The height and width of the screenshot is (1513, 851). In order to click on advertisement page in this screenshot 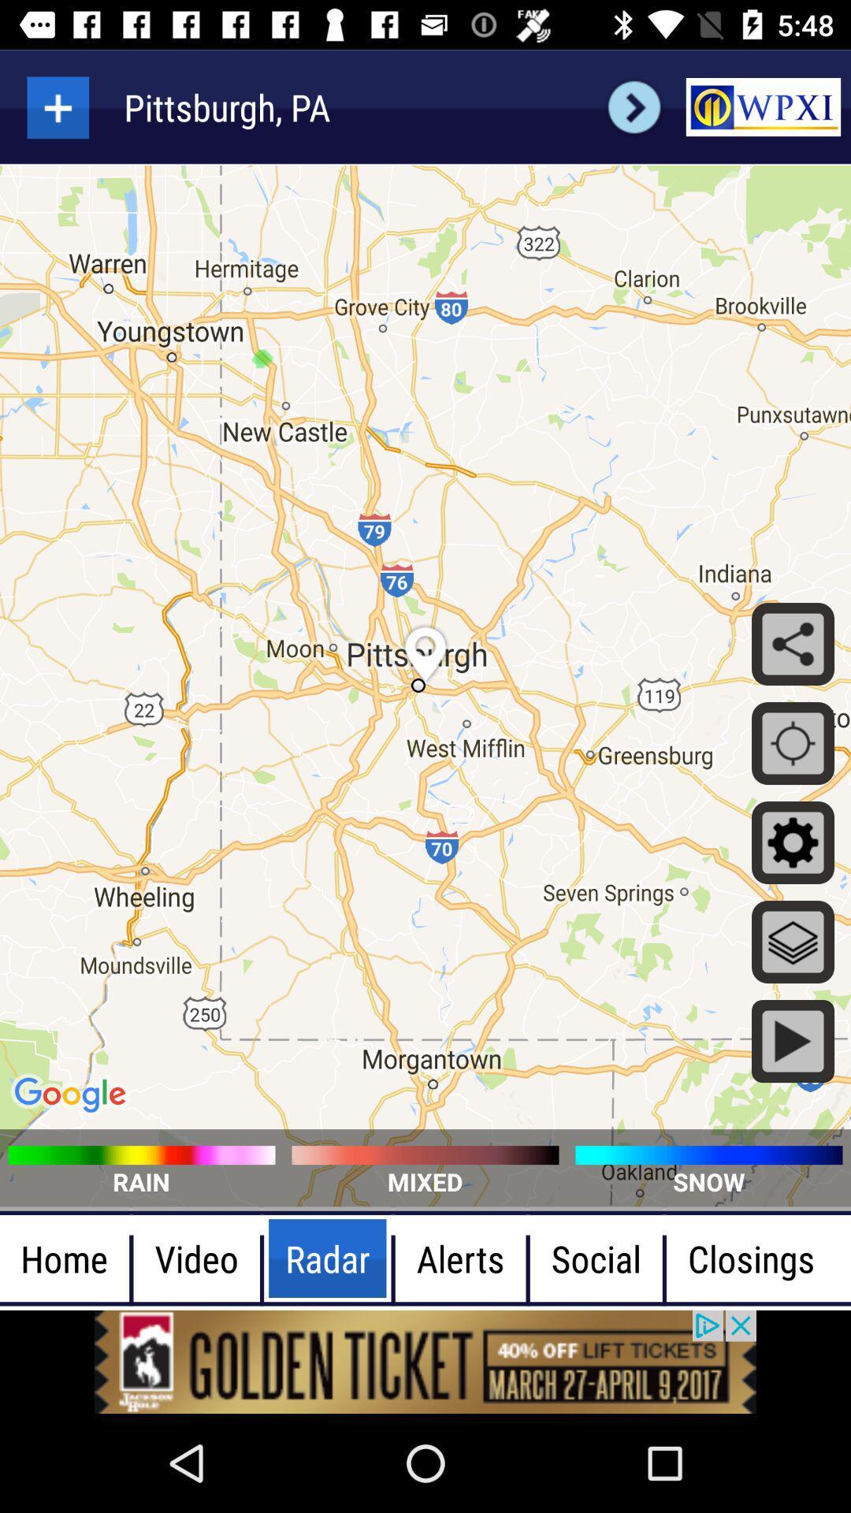, I will do `click(425, 1361)`.